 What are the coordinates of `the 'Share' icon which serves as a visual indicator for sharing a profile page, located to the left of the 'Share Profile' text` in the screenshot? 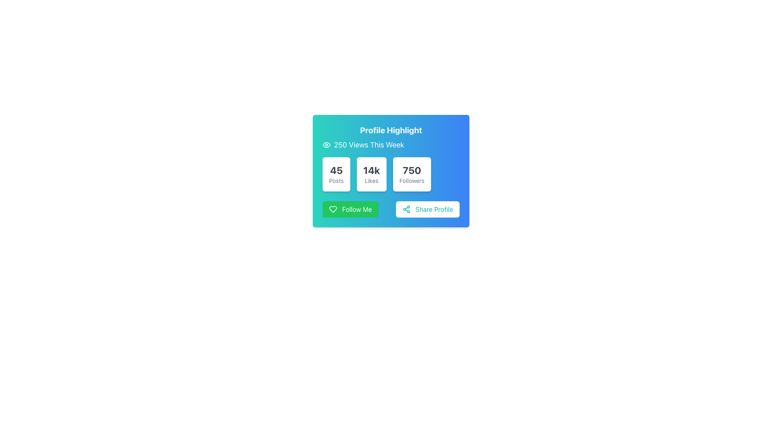 It's located at (406, 209).